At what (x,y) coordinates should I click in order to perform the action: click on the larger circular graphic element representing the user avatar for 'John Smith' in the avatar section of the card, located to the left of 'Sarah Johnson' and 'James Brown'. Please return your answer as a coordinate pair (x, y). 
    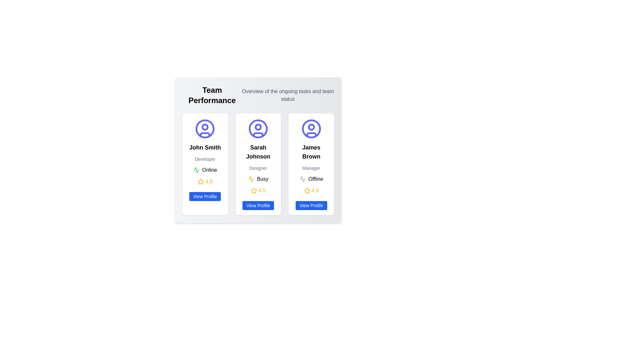
    Looking at the image, I should click on (205, 129).